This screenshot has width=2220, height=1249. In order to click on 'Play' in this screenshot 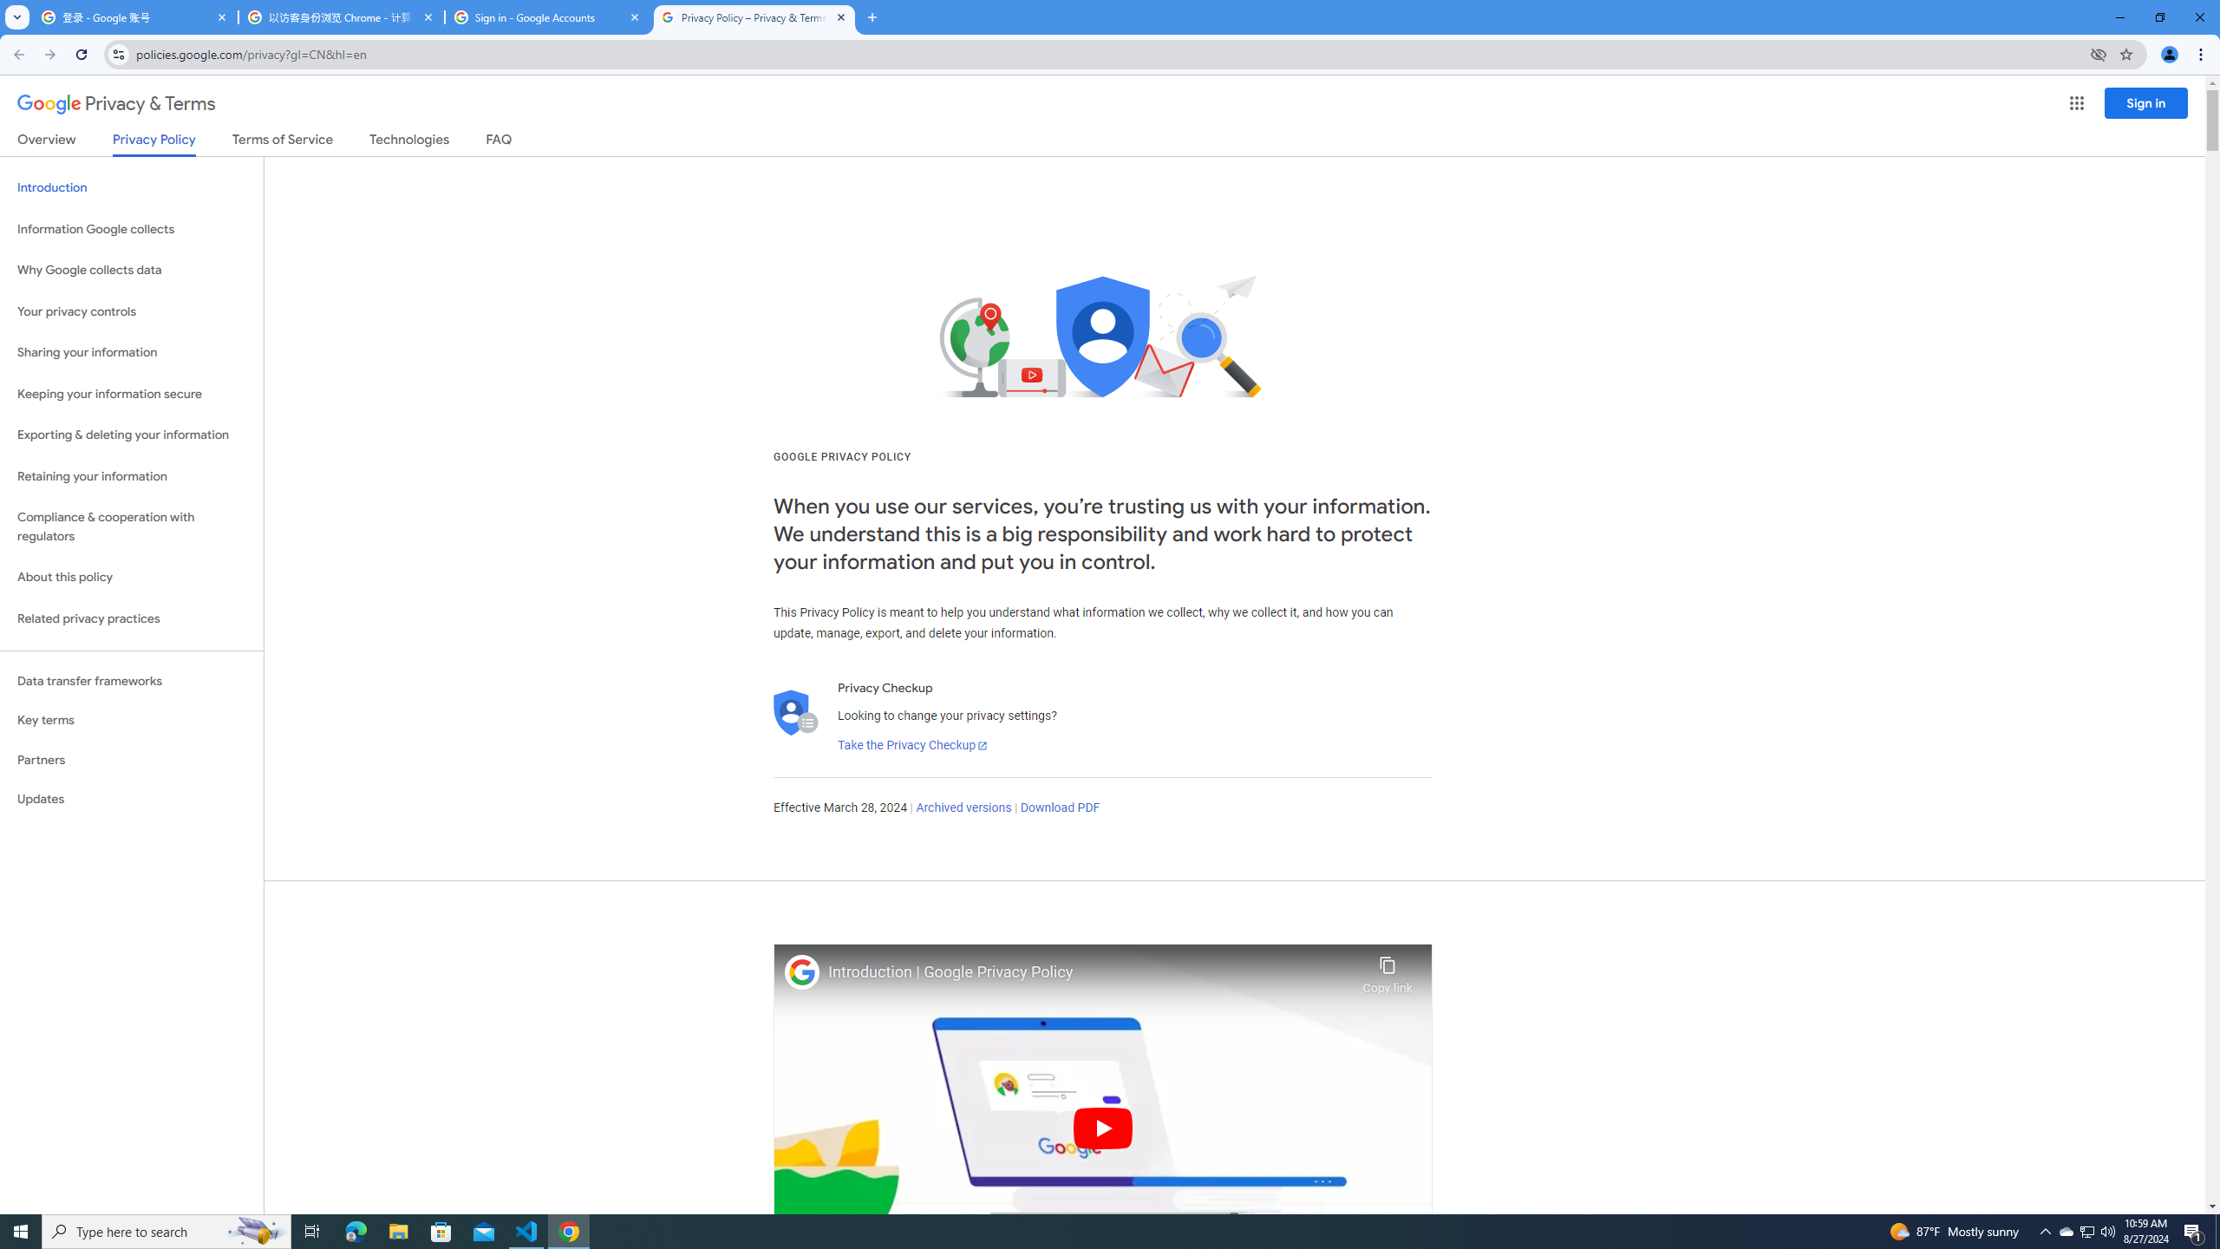, I will do `click(1102, 1127)`.